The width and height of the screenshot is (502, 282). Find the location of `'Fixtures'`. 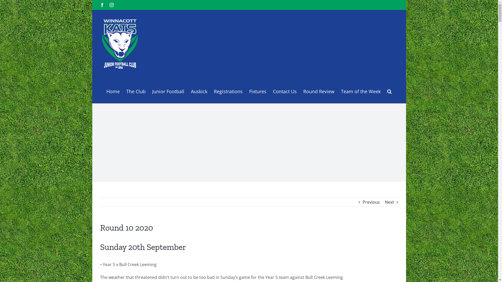

'Fixtures' is located at coordinates (257, 90).